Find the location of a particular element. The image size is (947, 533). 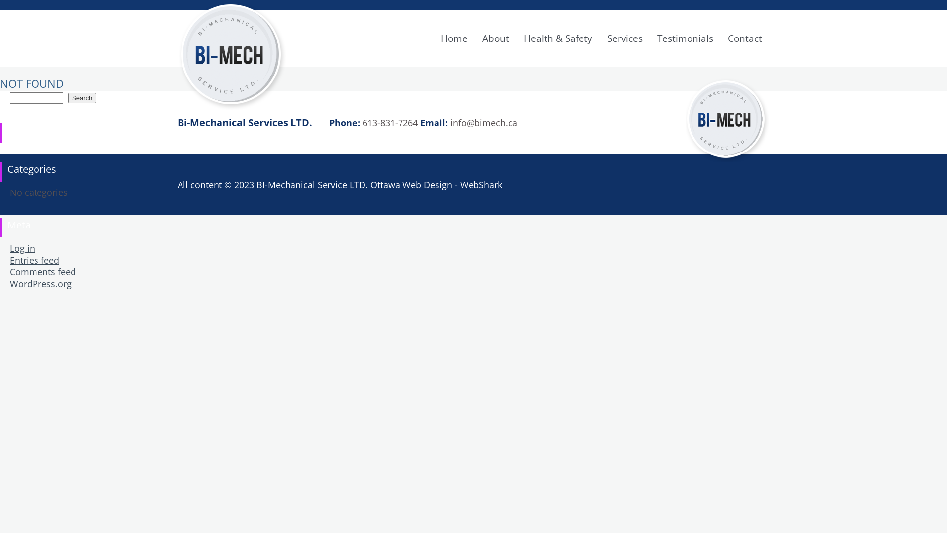

'WordPress.org' is located at coordinates (9, 283).